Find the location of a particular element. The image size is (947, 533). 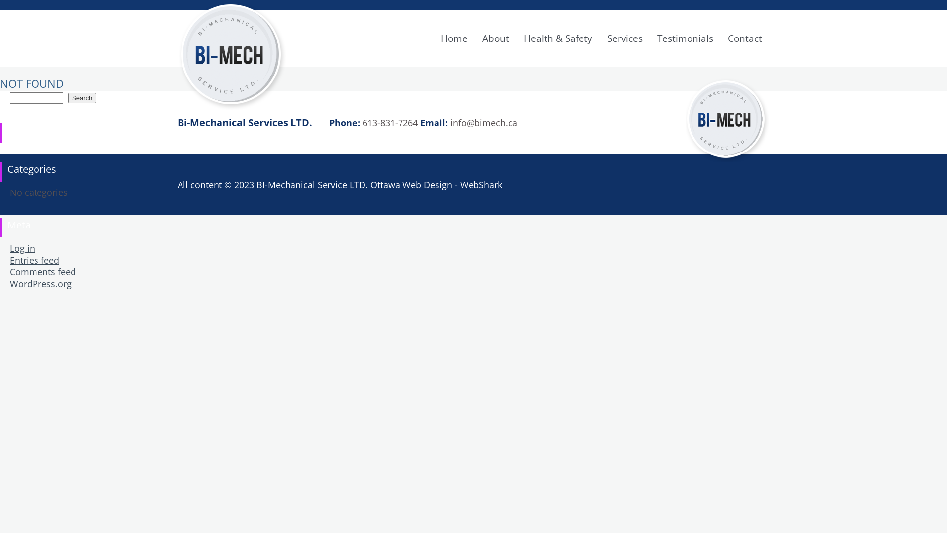

'WordPress.org' is located at coordinates (9, 283).